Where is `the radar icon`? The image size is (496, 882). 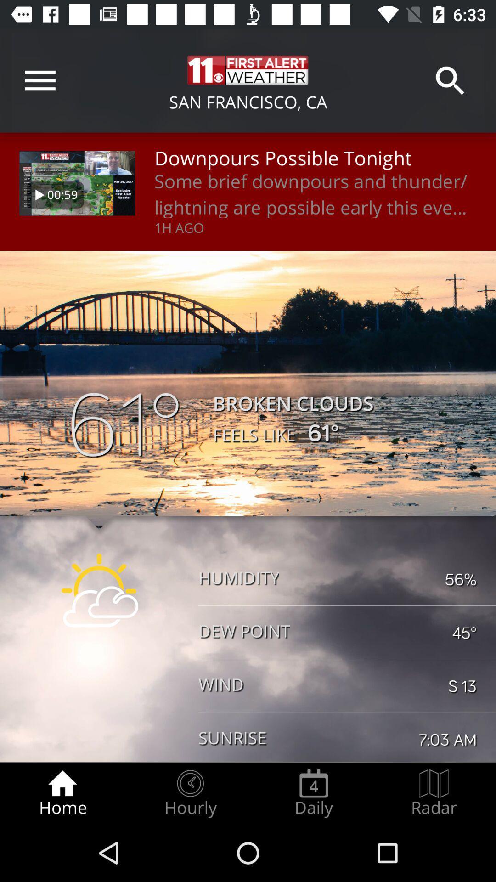 the radar icon is located at coordinates (434, 793).